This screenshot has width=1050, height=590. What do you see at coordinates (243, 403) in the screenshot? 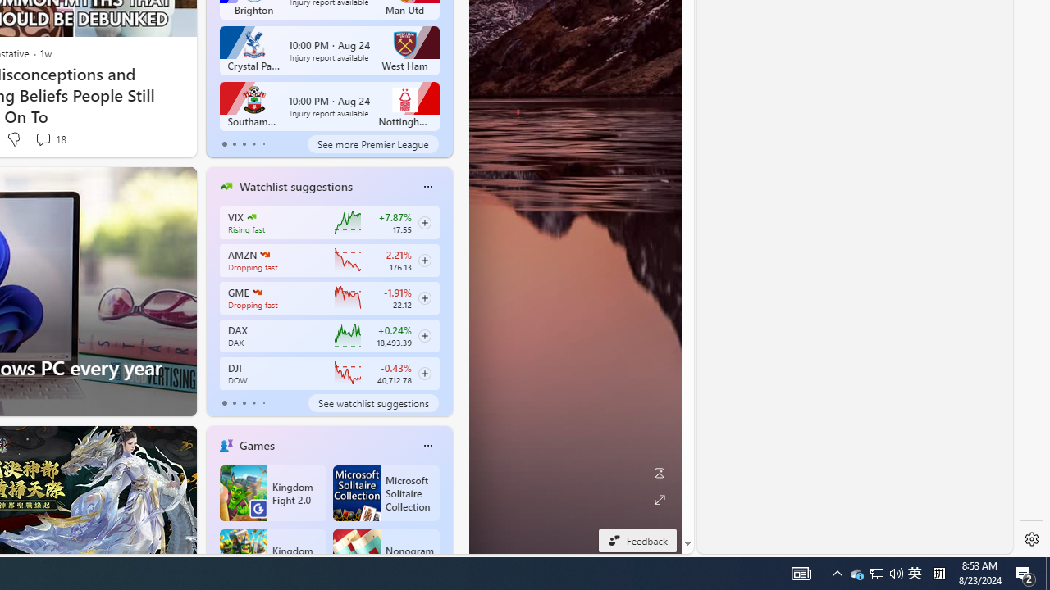
I see `'tab-2'` at bounding box center [243, 403].